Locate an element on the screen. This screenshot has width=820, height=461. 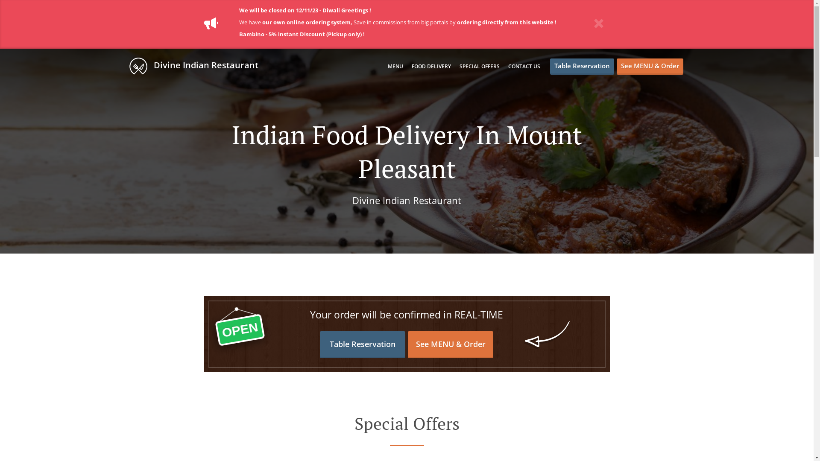
'FOOD DELIVERY' is located at coordinates (431, 66).